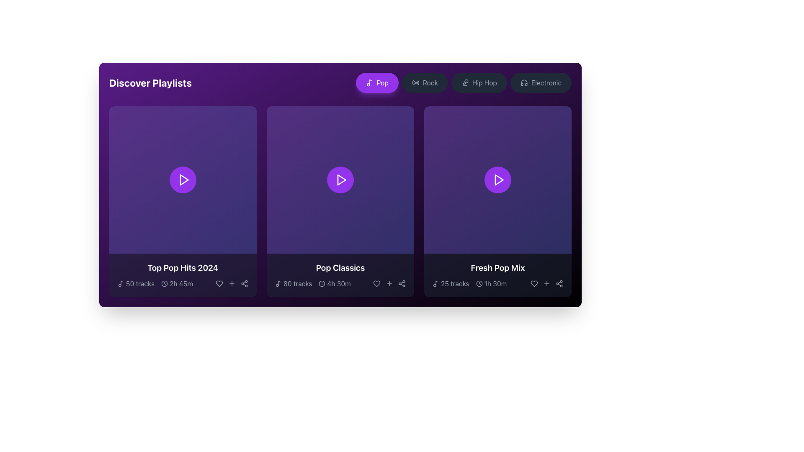 Image resolution: width=804 pixels, height=452 pixels. What do you see at coordinates (479, 283) in the screenshot?
I see `the SVG circle element that represents the clock's face, which is centrally located within the clock icon` at bounding box center [479, 283].